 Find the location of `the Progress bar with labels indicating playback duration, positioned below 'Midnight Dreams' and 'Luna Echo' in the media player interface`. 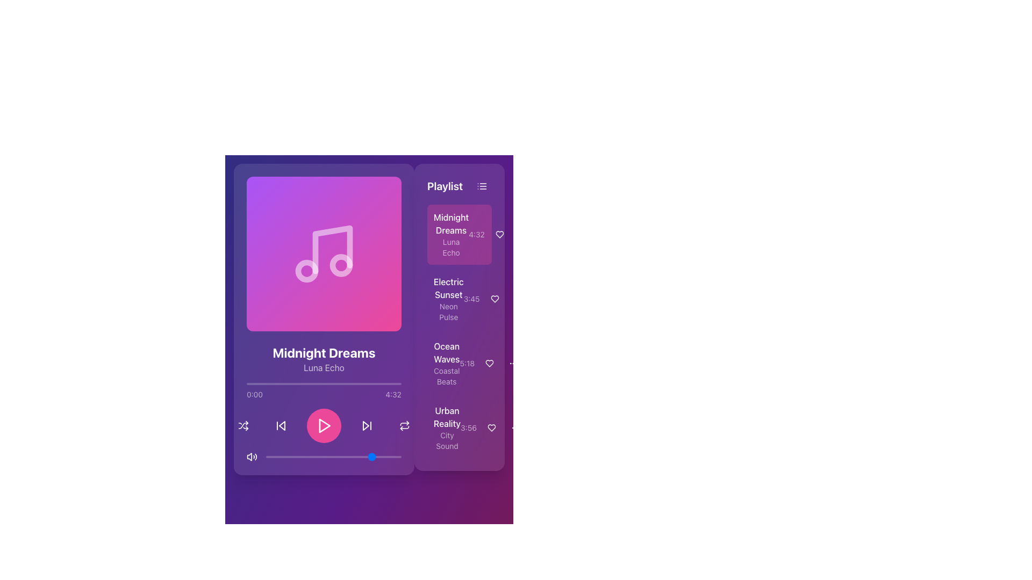

the Progress bar with labels indicating playback duration, positioned below 'Midnight Dreams' and 'Luna Echo' in the media player interface is located at coordinates (324, 392).